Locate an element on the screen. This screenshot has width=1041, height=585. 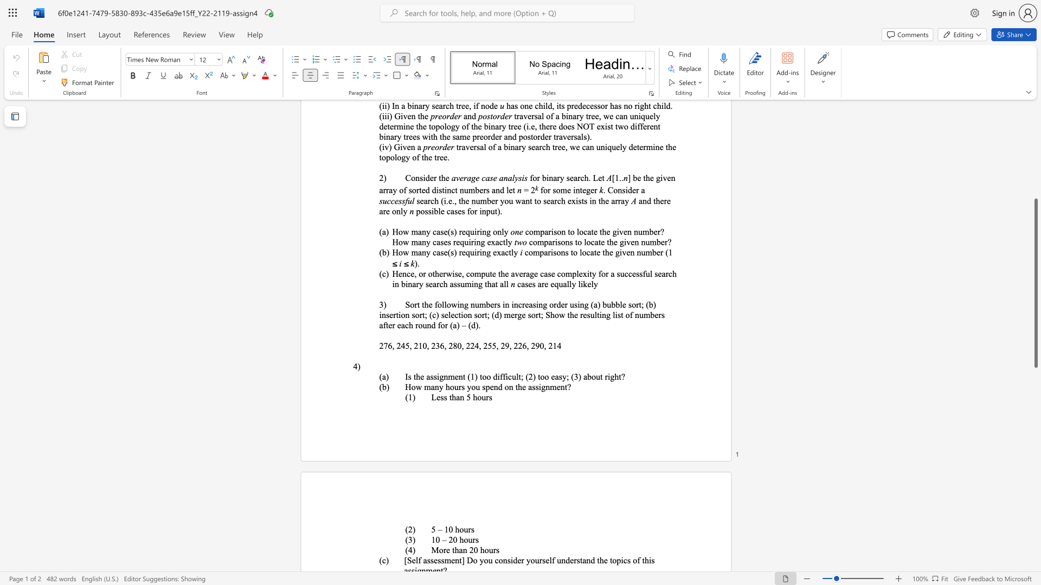
the subset text "24, 255, 29, 226, 290, 214" within the text "276, 245, 210, 236, 280, 224, 255, 29, 226, 290, 214" is located at coordinates (470, 346).